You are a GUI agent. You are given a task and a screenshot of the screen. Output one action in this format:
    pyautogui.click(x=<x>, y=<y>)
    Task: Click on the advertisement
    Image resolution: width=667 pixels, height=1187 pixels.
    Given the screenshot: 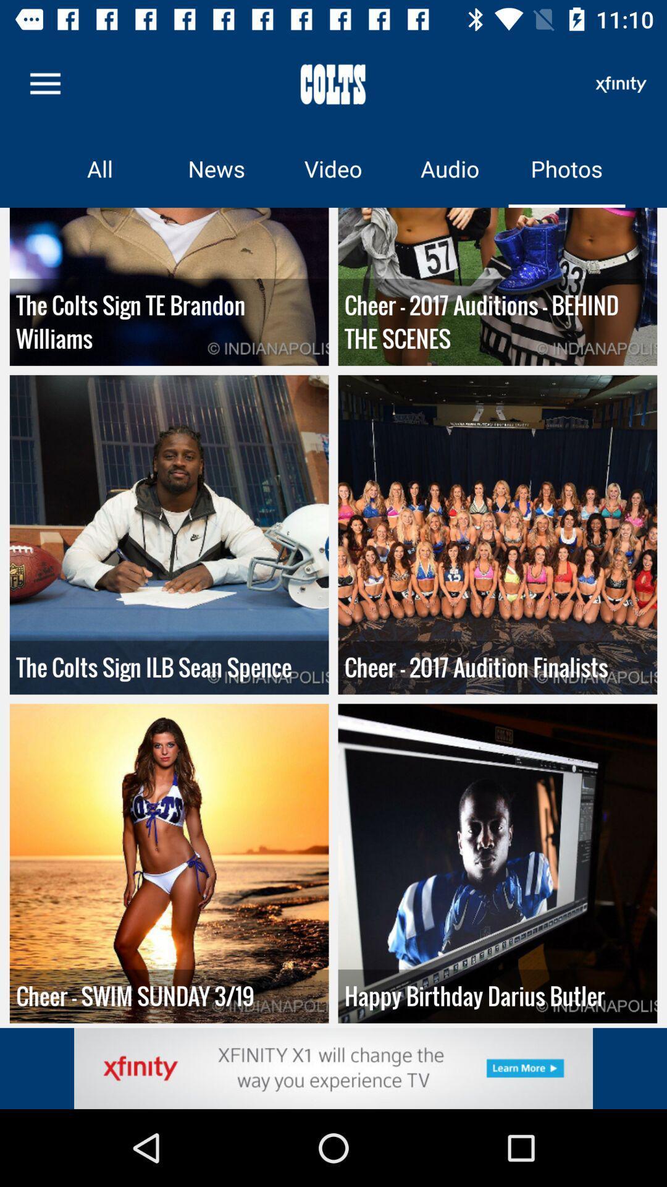 What is the action you would take?
    pyautogui.click(x=333, y=1068)
    